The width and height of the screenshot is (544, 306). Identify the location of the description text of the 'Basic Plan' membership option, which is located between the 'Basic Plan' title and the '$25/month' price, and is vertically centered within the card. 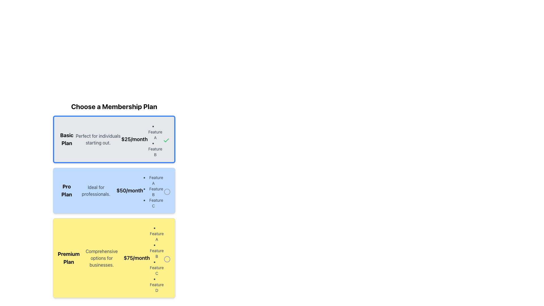
(98, 139).